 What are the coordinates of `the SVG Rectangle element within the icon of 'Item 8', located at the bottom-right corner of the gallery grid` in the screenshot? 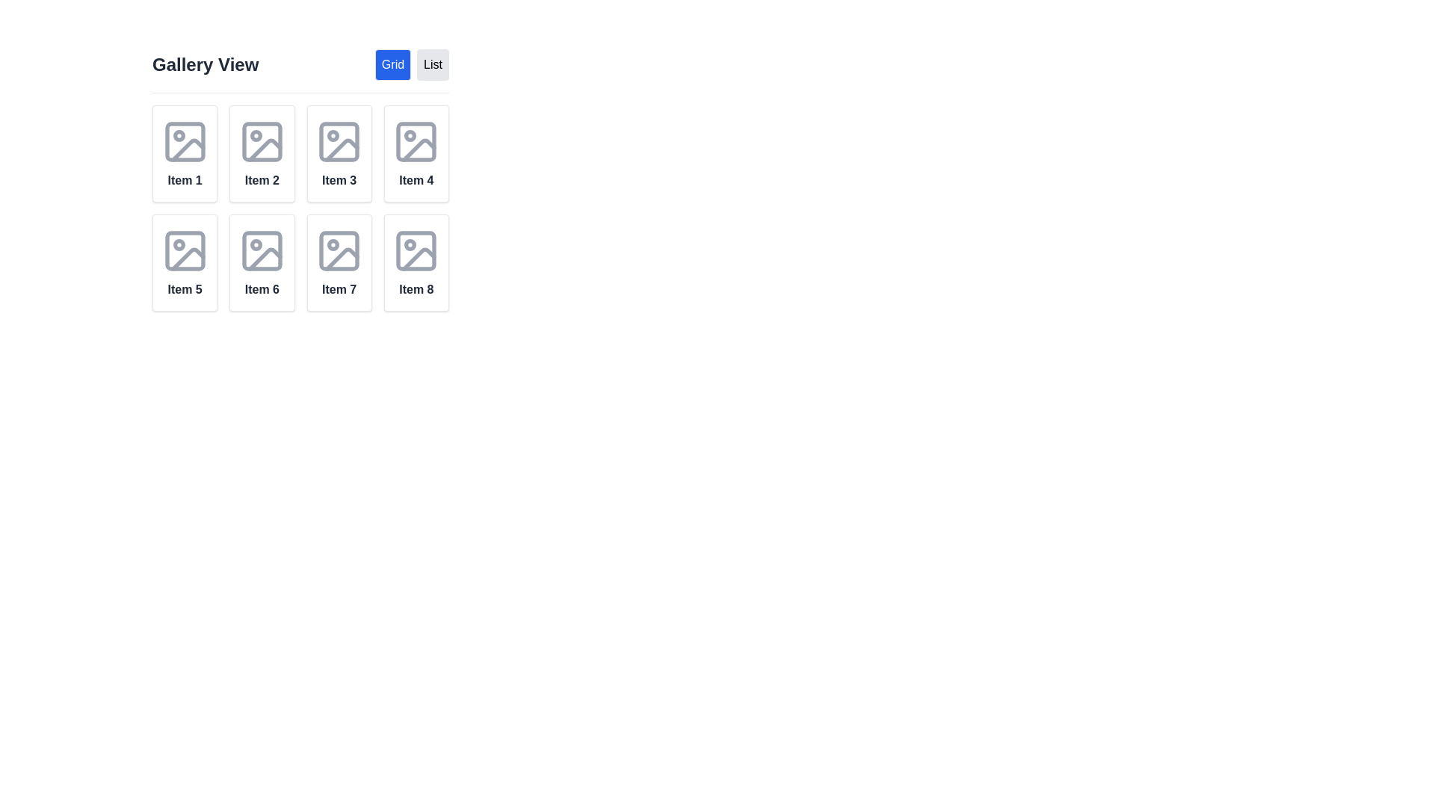 It's located at (416, 250).